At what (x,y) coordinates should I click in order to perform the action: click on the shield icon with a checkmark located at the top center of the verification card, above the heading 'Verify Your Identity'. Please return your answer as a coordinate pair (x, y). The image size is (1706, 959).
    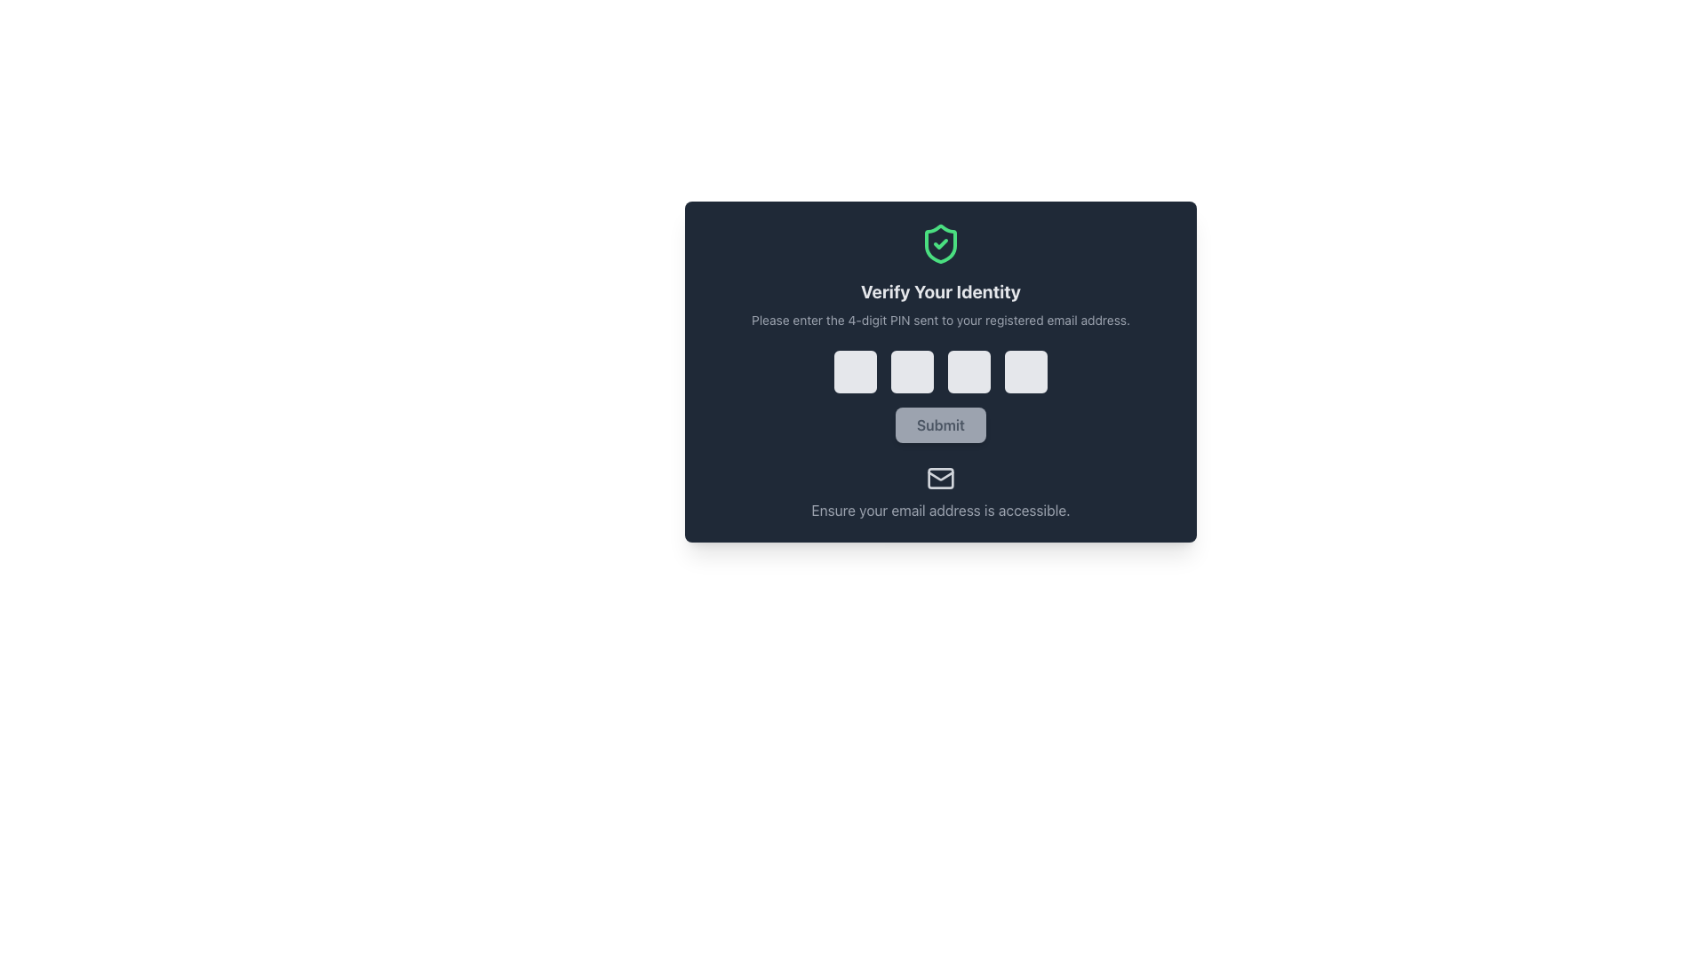
    Looking at the image, I should click on (940, 243).